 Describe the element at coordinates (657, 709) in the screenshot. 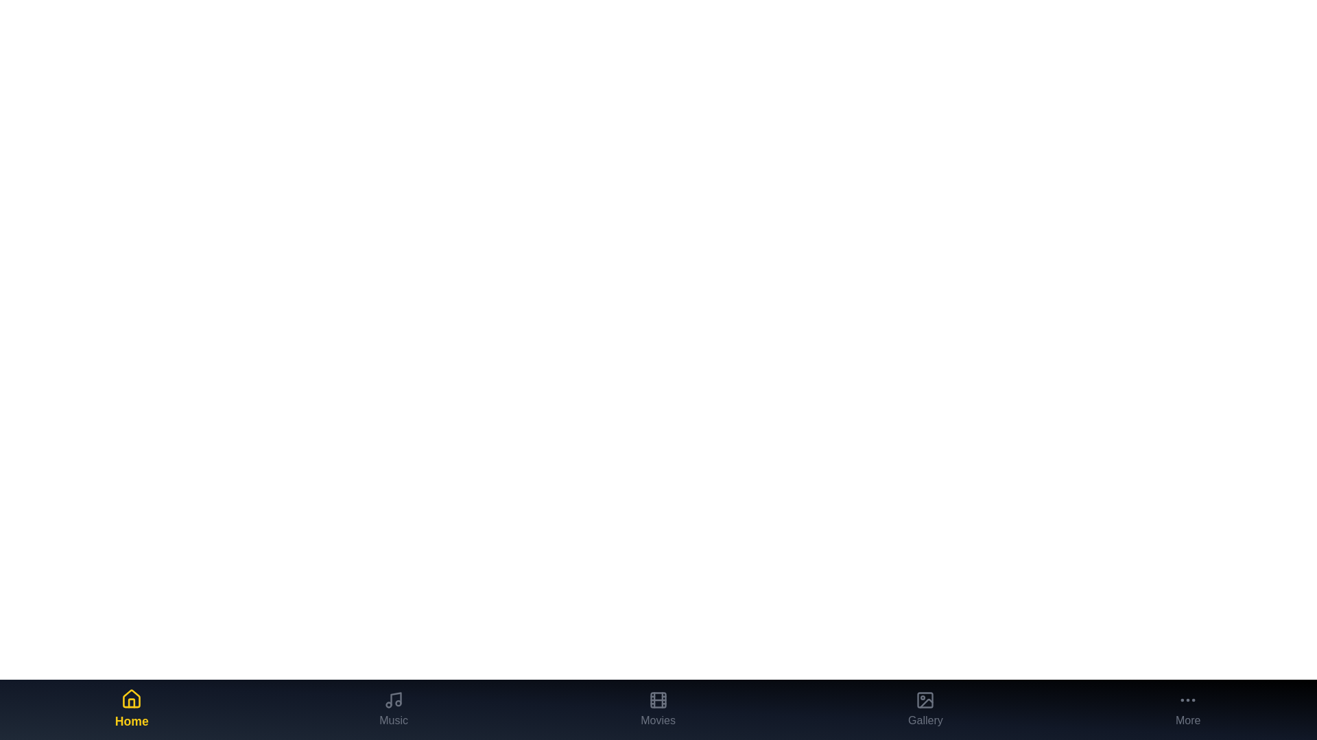

I see `the Movies tab in the bottom navigation bar` at that location.